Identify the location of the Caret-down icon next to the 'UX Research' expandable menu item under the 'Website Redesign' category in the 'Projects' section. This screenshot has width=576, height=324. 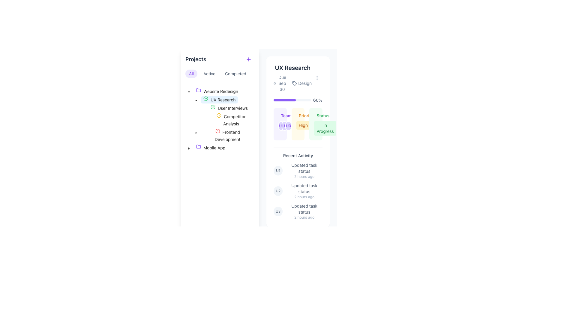
(188, 92).